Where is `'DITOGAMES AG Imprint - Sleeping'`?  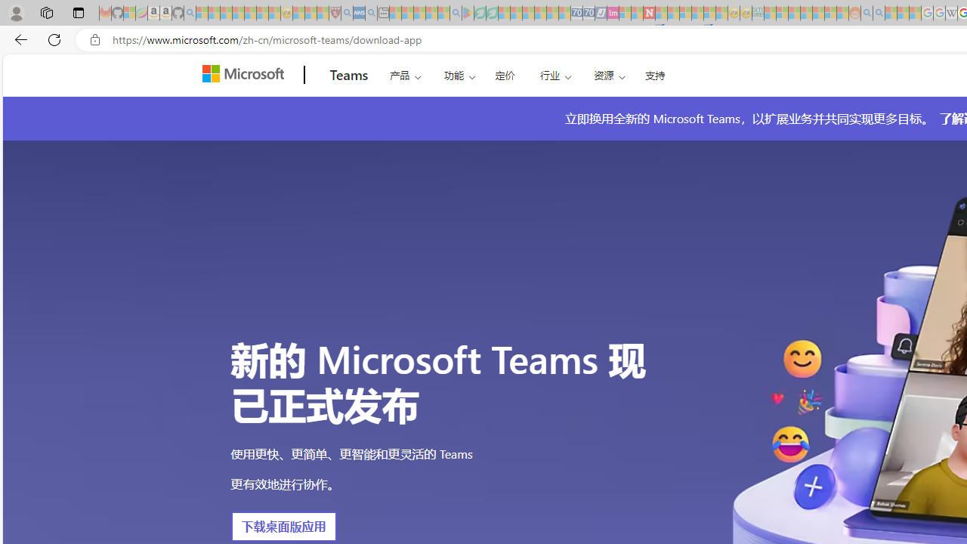
'DITOGAMES AG Imprint - Sleeping' is located at coordinates (758, 13).